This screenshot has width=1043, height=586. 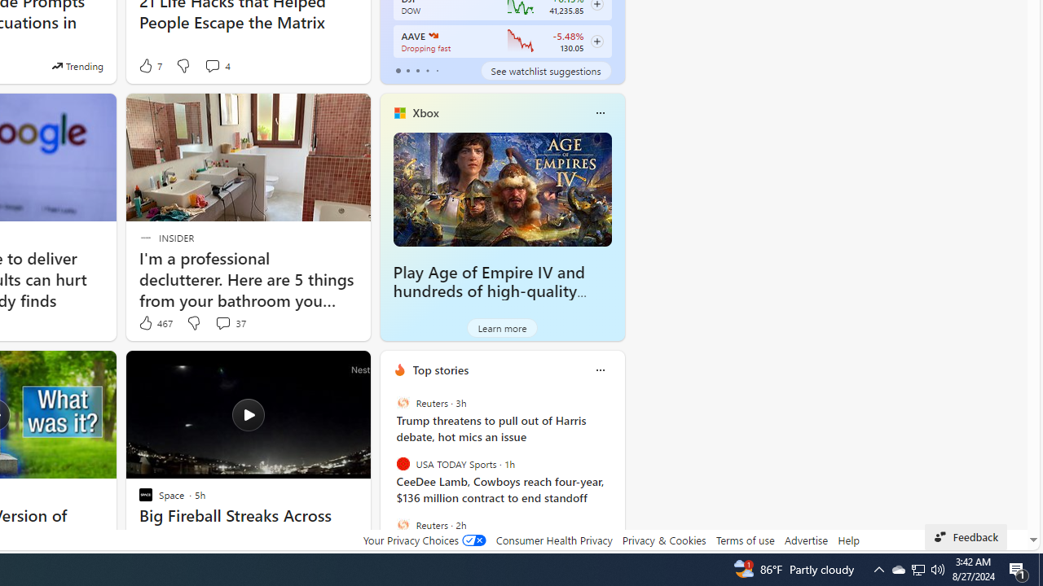 I want to click on 'View comments 4 Comment', so click(x=216, y=65).